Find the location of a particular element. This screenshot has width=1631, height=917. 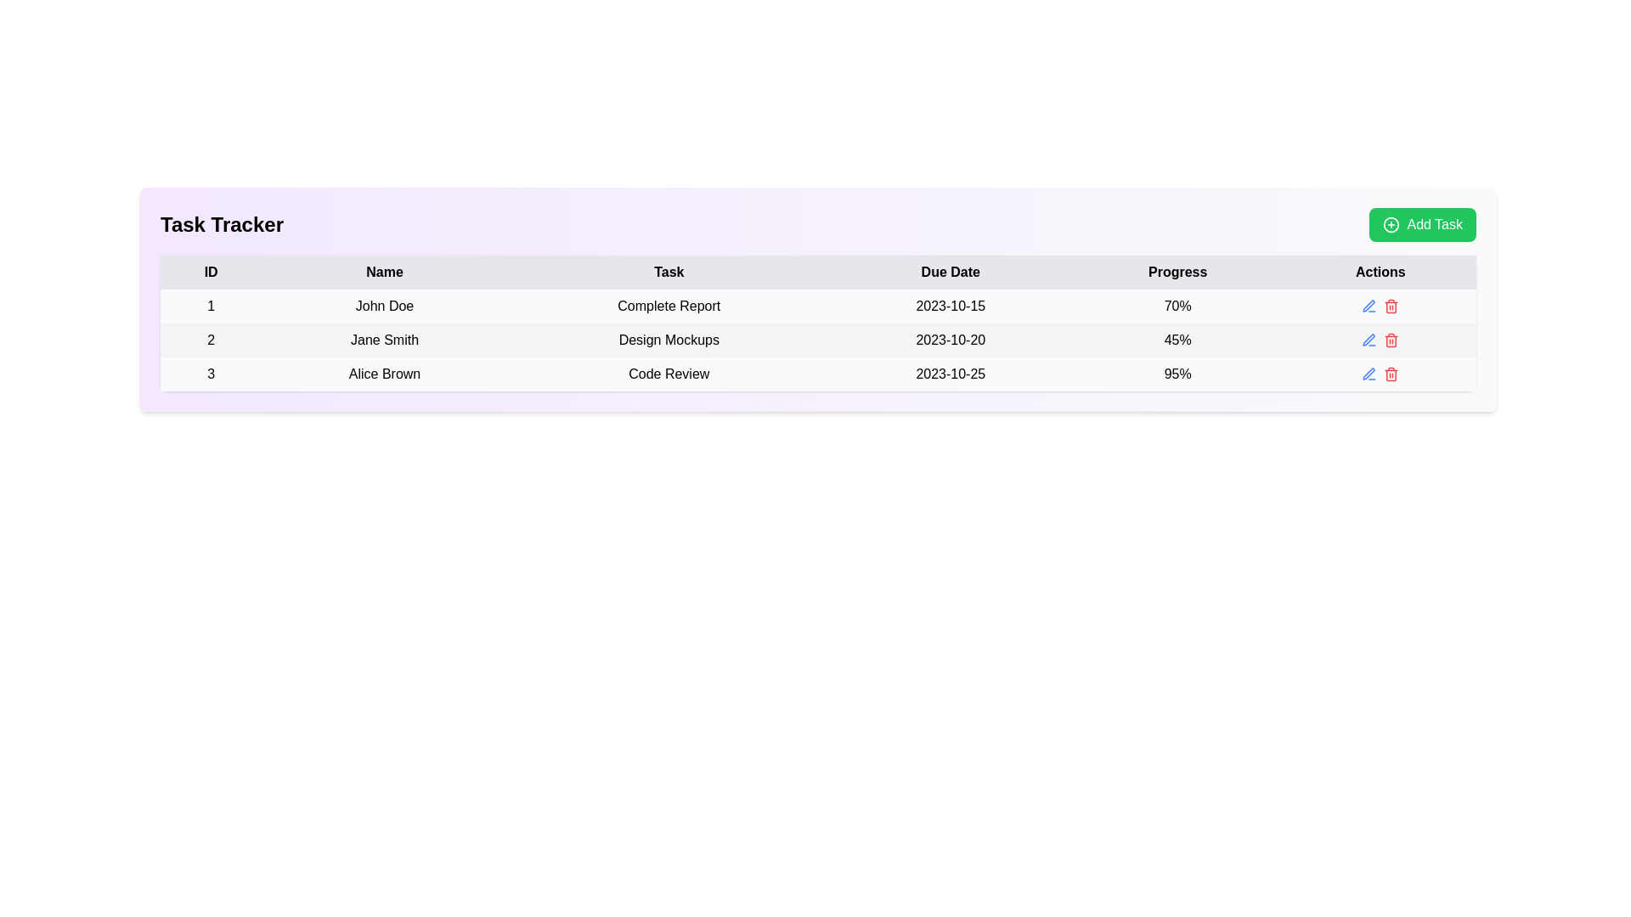

the static text label displaying 'ID', which is the first element in the header row above the data table, with a light gray background and bold modern font is located at coordinates (210, 271).